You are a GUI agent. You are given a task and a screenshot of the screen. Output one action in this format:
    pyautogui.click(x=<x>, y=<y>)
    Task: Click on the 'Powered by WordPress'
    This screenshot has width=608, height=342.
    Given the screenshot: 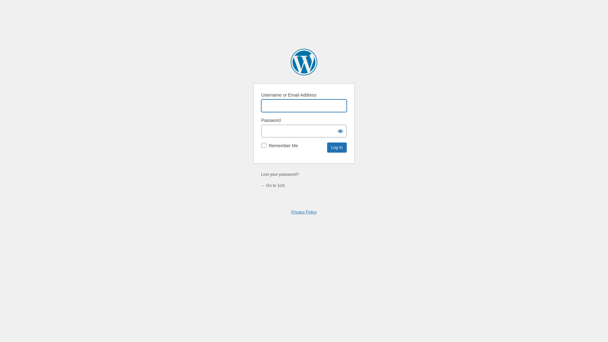 What is the action you would take?
    pyautogui.click(x=290, y=62)
    